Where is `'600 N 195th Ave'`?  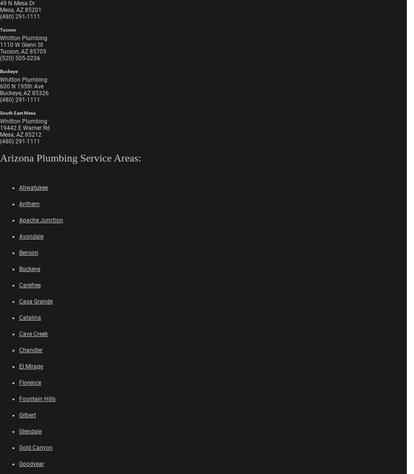
'600 N 195th Ave' is located at coordinates (22, 86).